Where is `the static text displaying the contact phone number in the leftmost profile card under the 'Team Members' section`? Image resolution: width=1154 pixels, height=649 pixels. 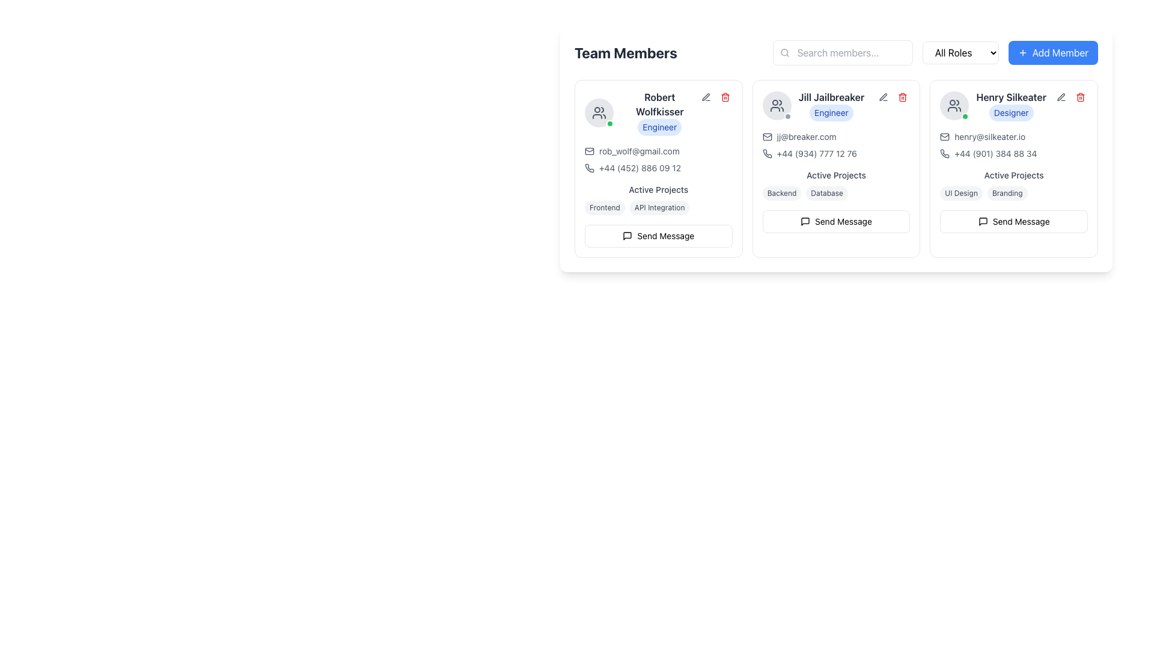 the static text displaying the contact phone number in the leftmost profile card under the 'Team Members' section is located at coordinates (658, 168).